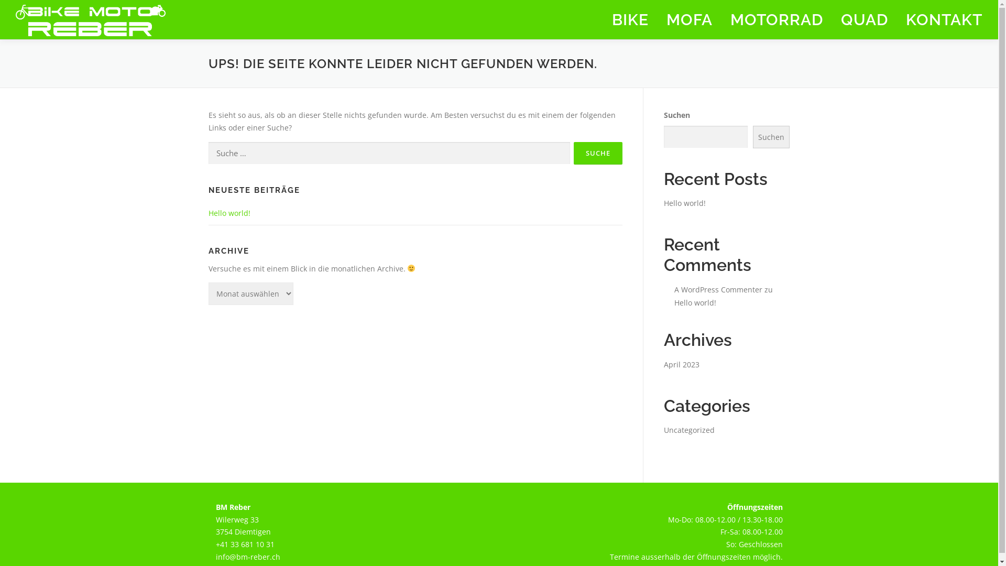 This screenshot has width=1006, height=566. I want to click on 'April 2023', so click(681, 364).